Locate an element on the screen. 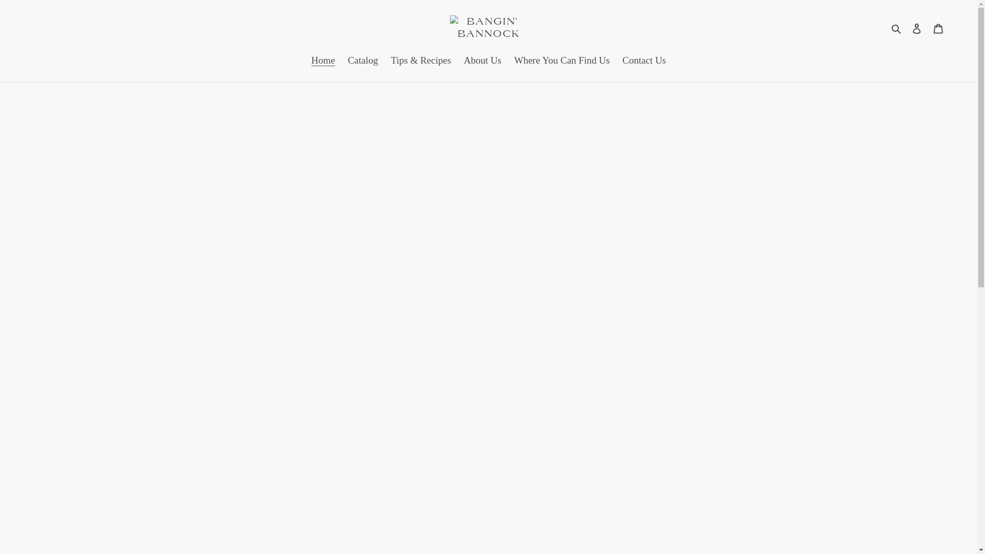 The height and width of the screenshot is (554, 985). 'Catalog' is located at coordinates (363, 61).